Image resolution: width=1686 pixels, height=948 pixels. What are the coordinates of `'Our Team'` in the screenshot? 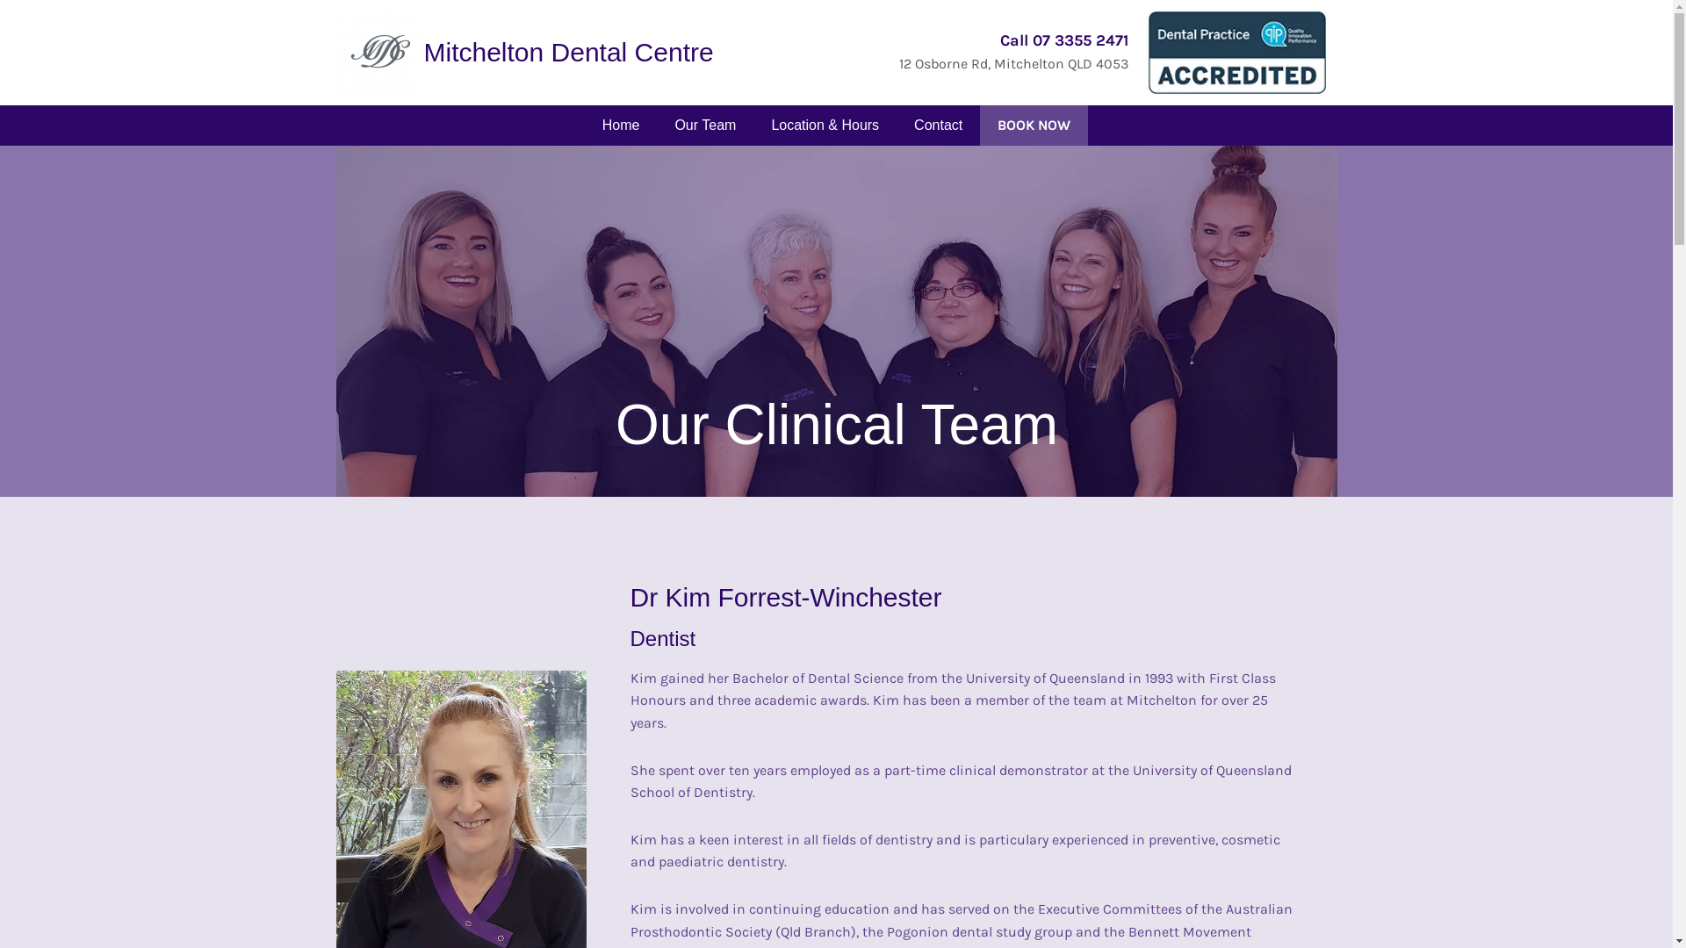 It's located at (704, 124).